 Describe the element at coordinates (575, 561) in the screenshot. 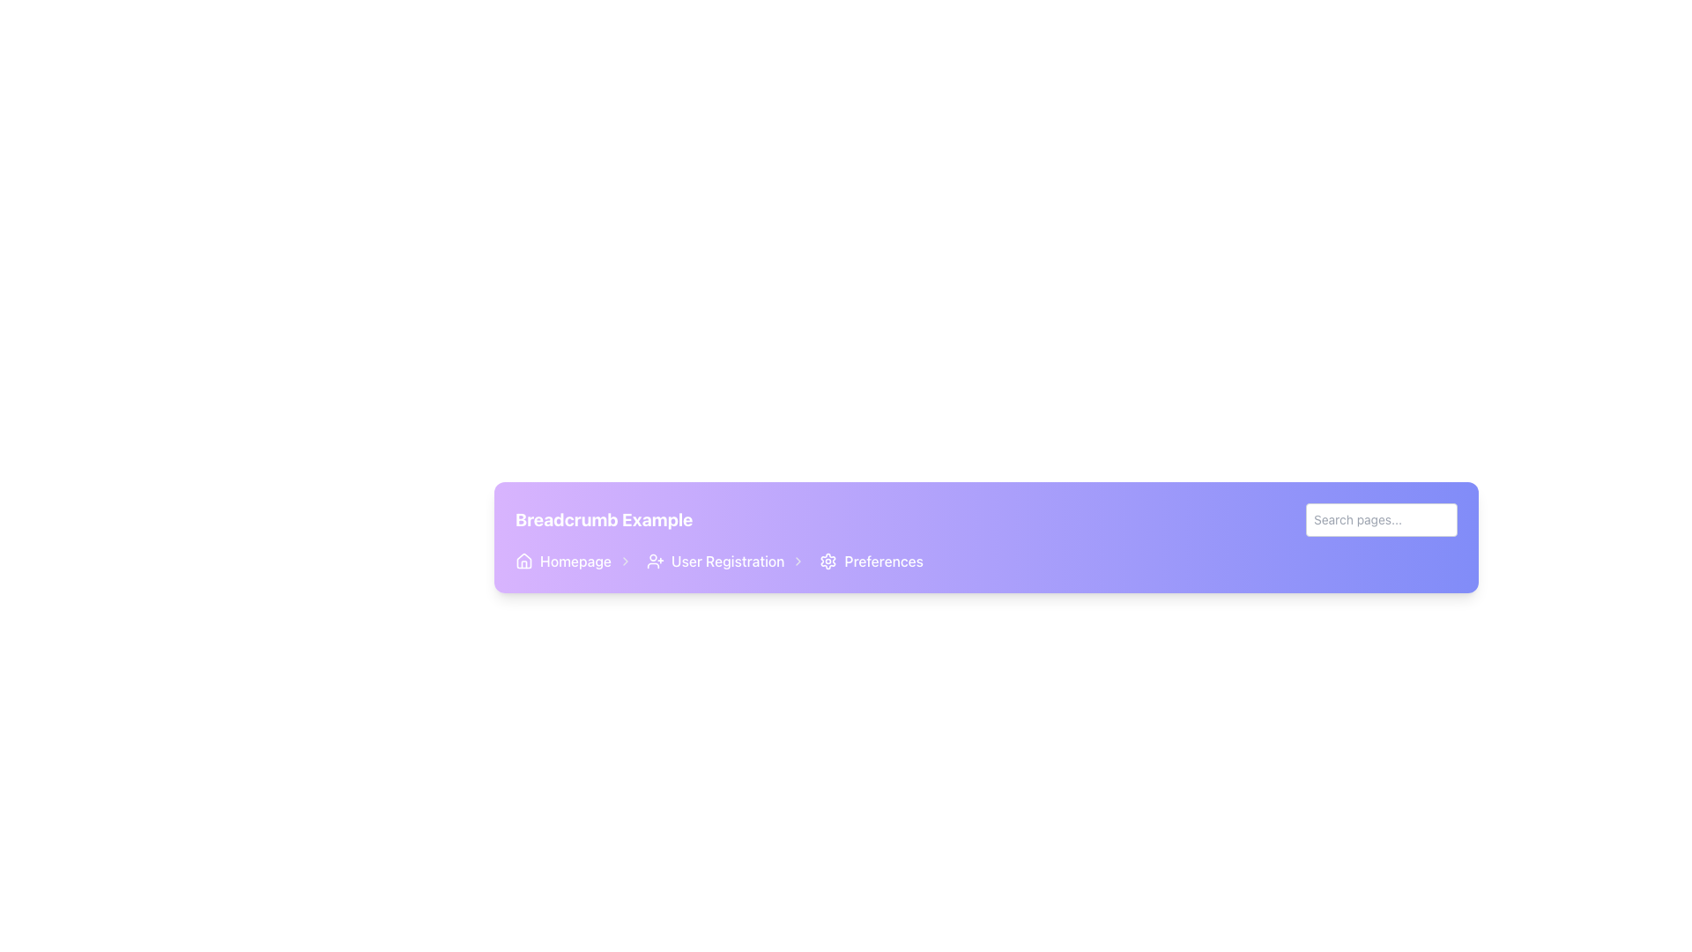

I see `the 'Homepage' text link in the breadcrumb navigation bar` at that location.